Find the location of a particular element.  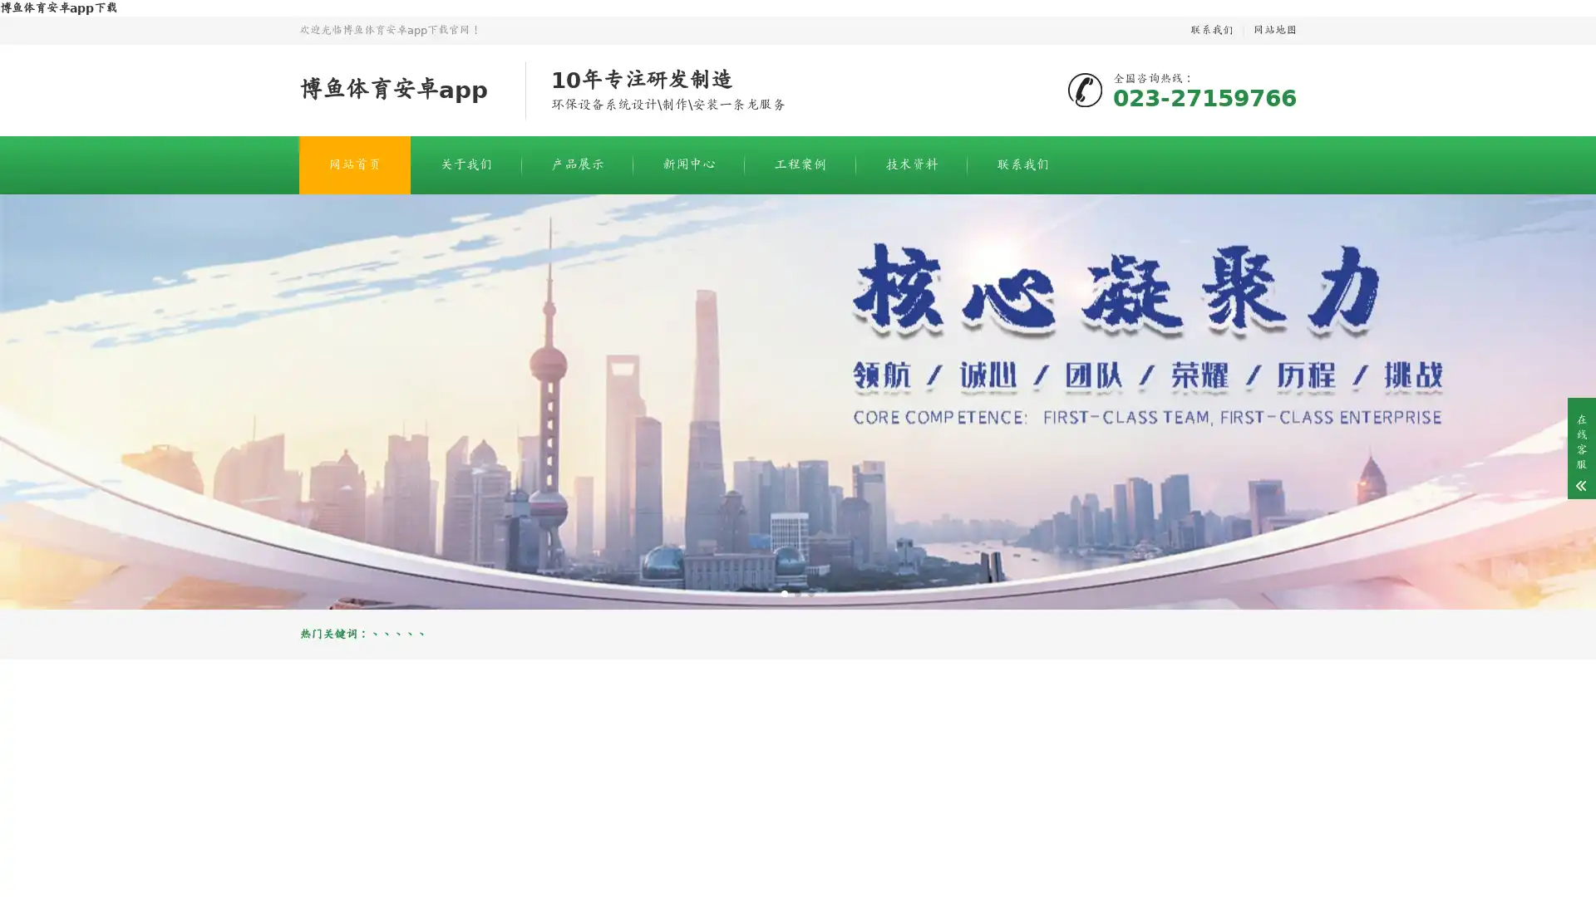

Go to slide 2 is located at coordinates (798, 592).